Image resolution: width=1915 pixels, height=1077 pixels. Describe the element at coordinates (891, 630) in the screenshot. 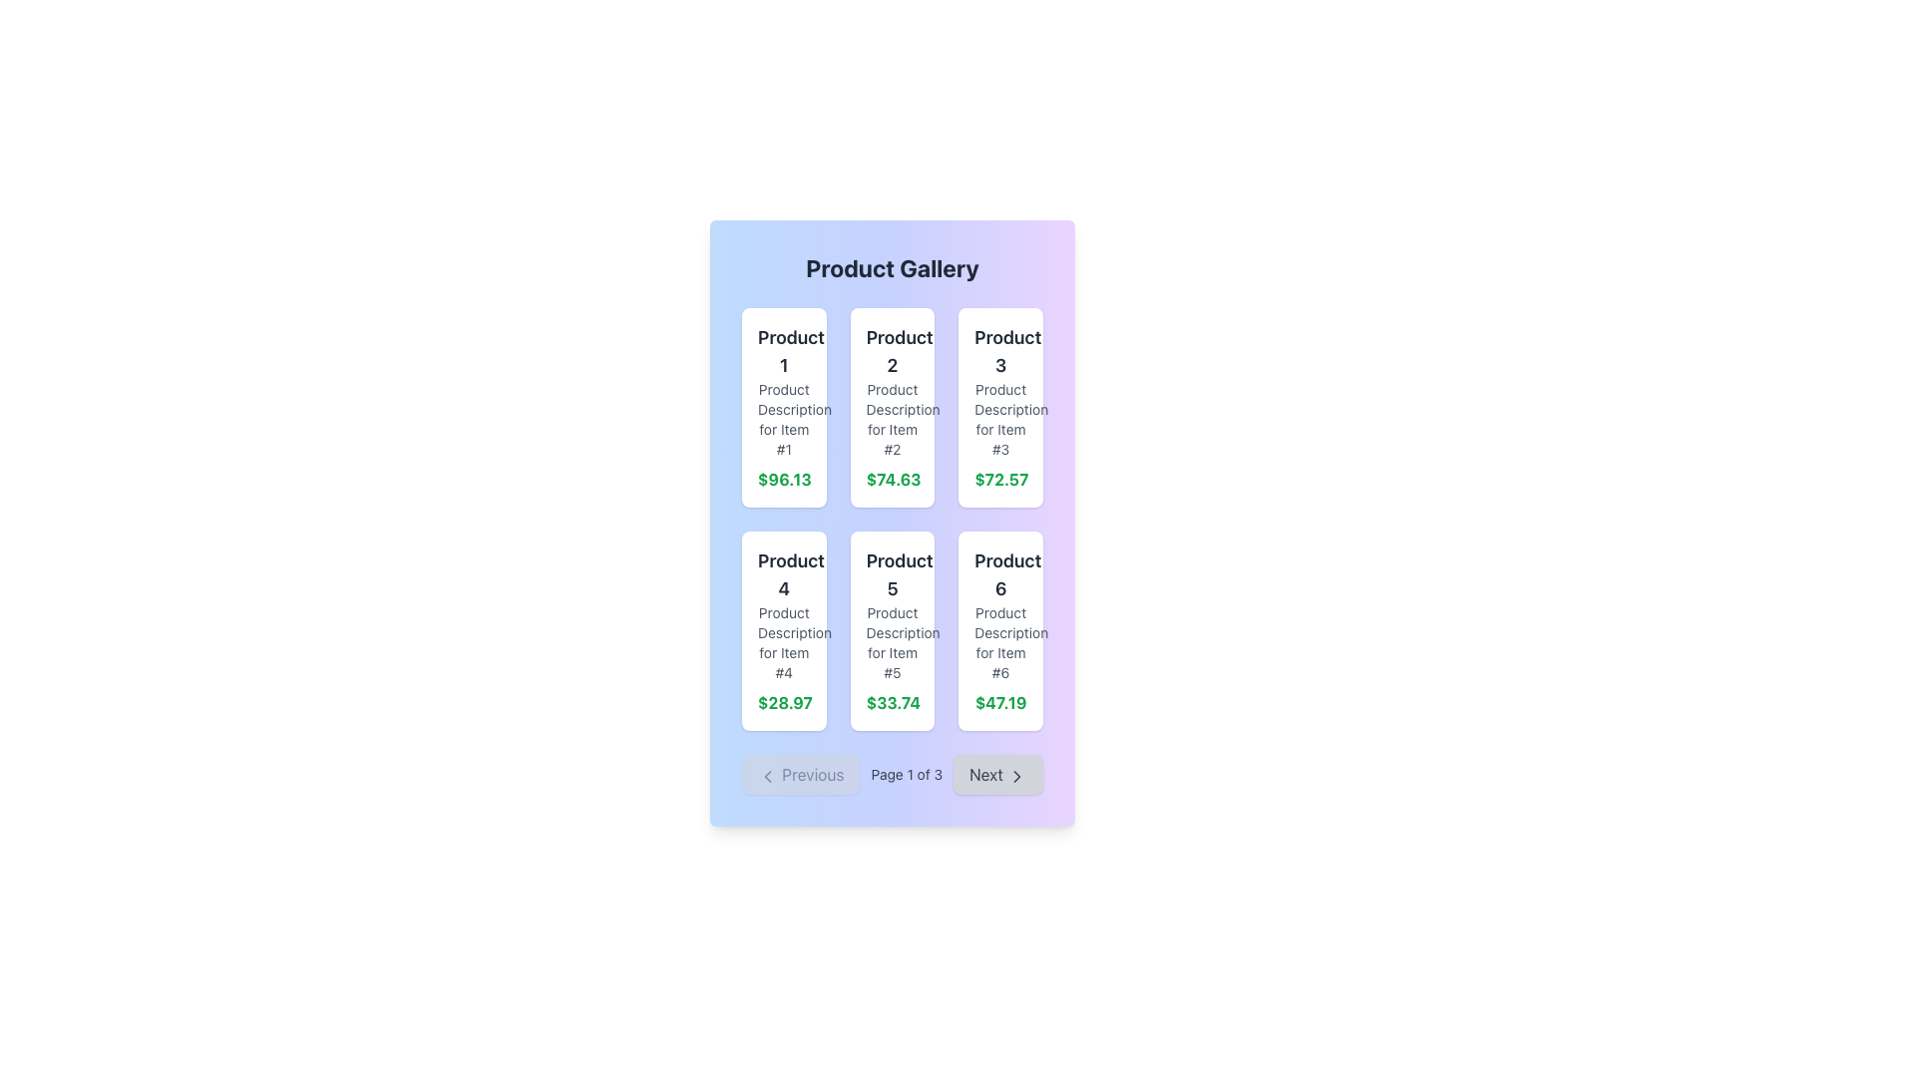

I see `product details displayed in the textual display element located in the second row and second column of the grid layout, positioned between 'Product 4' and 'Product 6'` at that location.